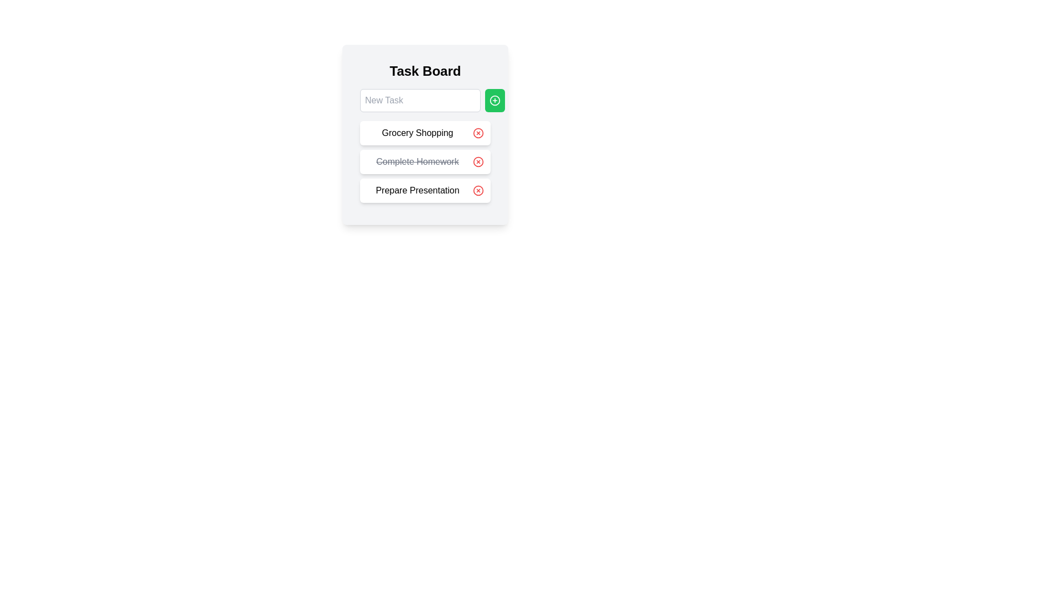 The height and width of the screenshot is (597, 1062). I want to click on the text label that displays the title of the completed task in the to-do list, located between 'Grocery Shopping' and 'Prepare Presentation', so click(417, 162).